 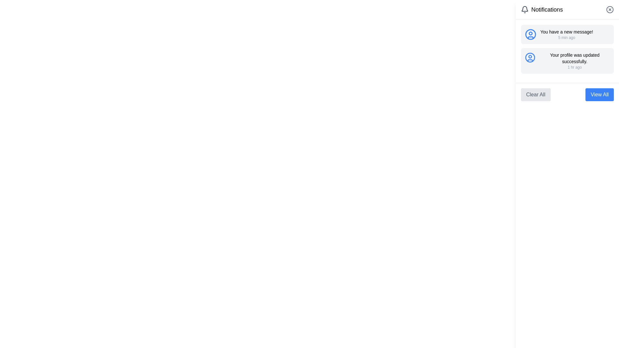 I want to click on the bottom section of the blue curved line of the user icon located in the top-right notifications panel, so click(x=531, y=37).